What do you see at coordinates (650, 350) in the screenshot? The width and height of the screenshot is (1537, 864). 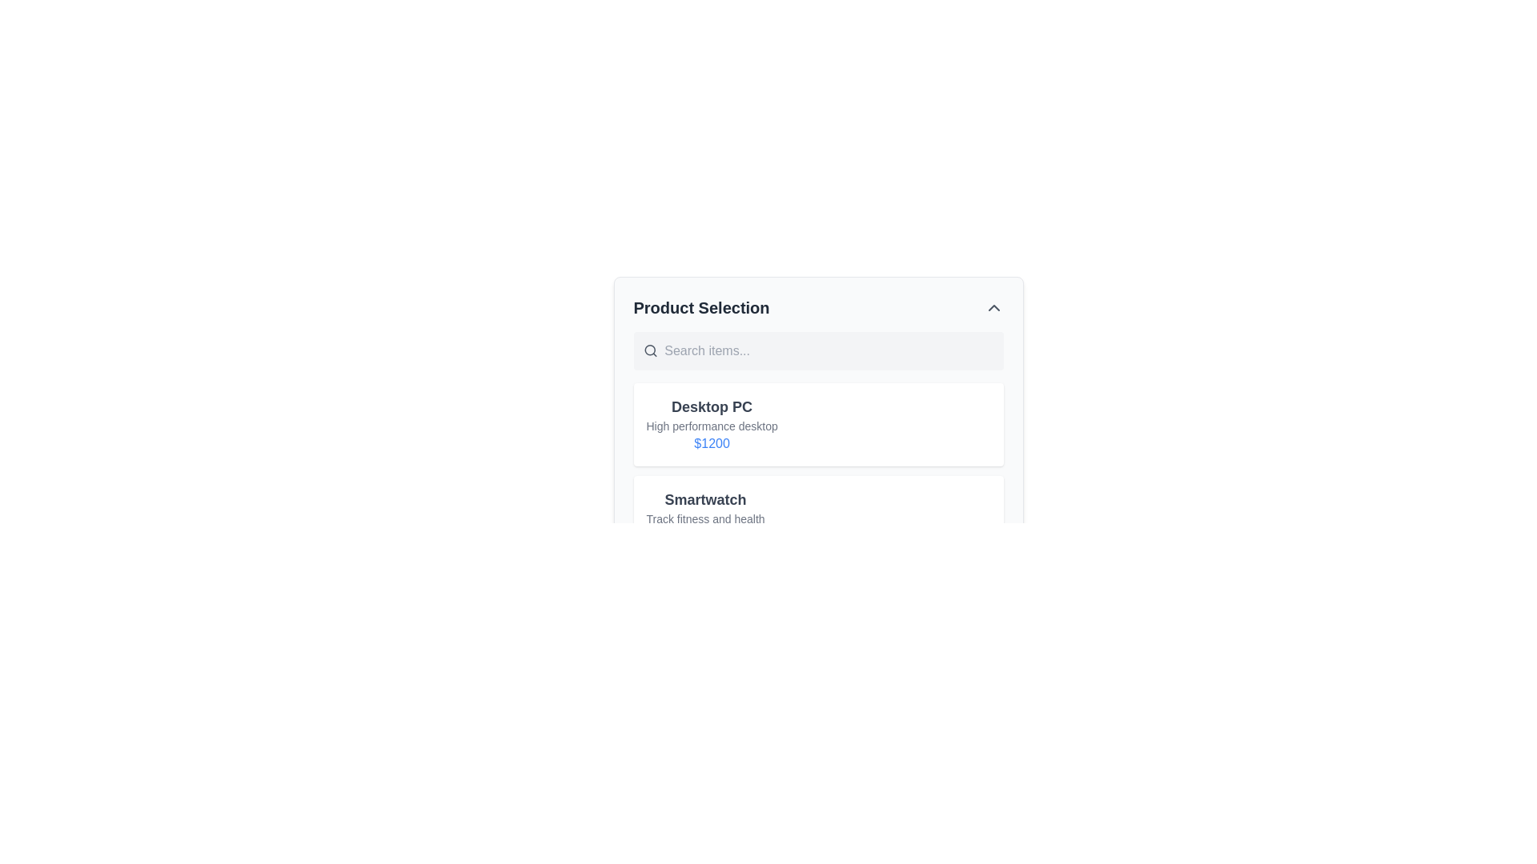 I see `the search icon, which is a gray magnifying glass symbol located to the left of the 'Search items...' text input field in the search bar at the top of the product selection panel` at bounding box center [650, 350].